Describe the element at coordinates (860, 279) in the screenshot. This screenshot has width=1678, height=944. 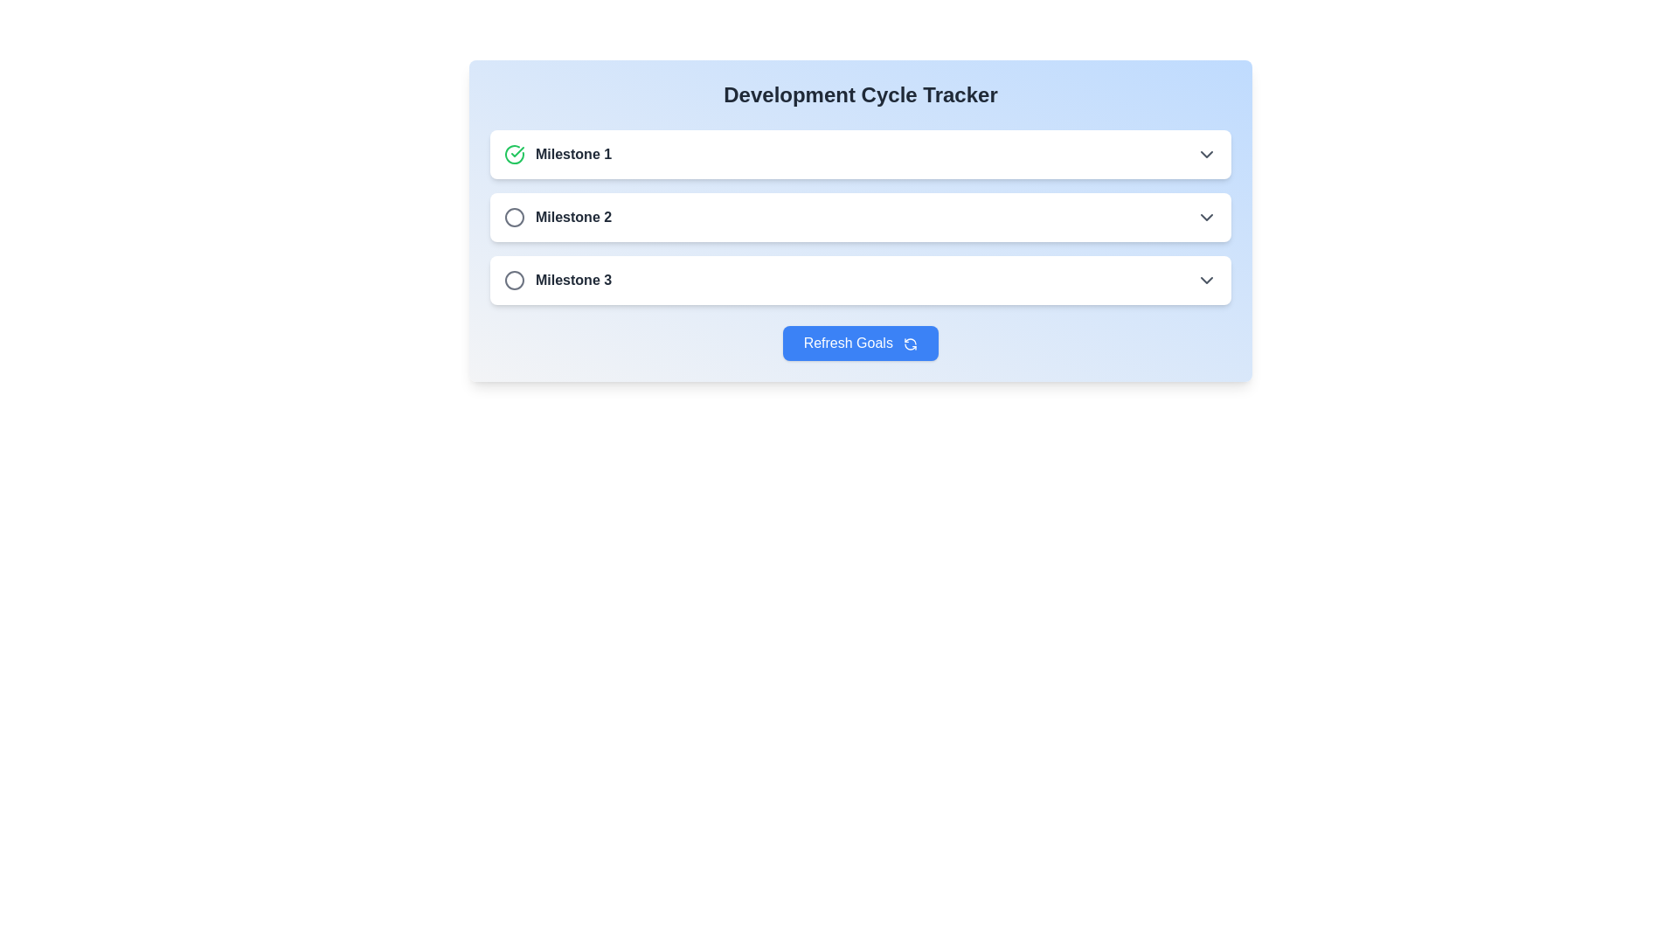
I see `the list item labeled 'Milestone 3'` at that location.